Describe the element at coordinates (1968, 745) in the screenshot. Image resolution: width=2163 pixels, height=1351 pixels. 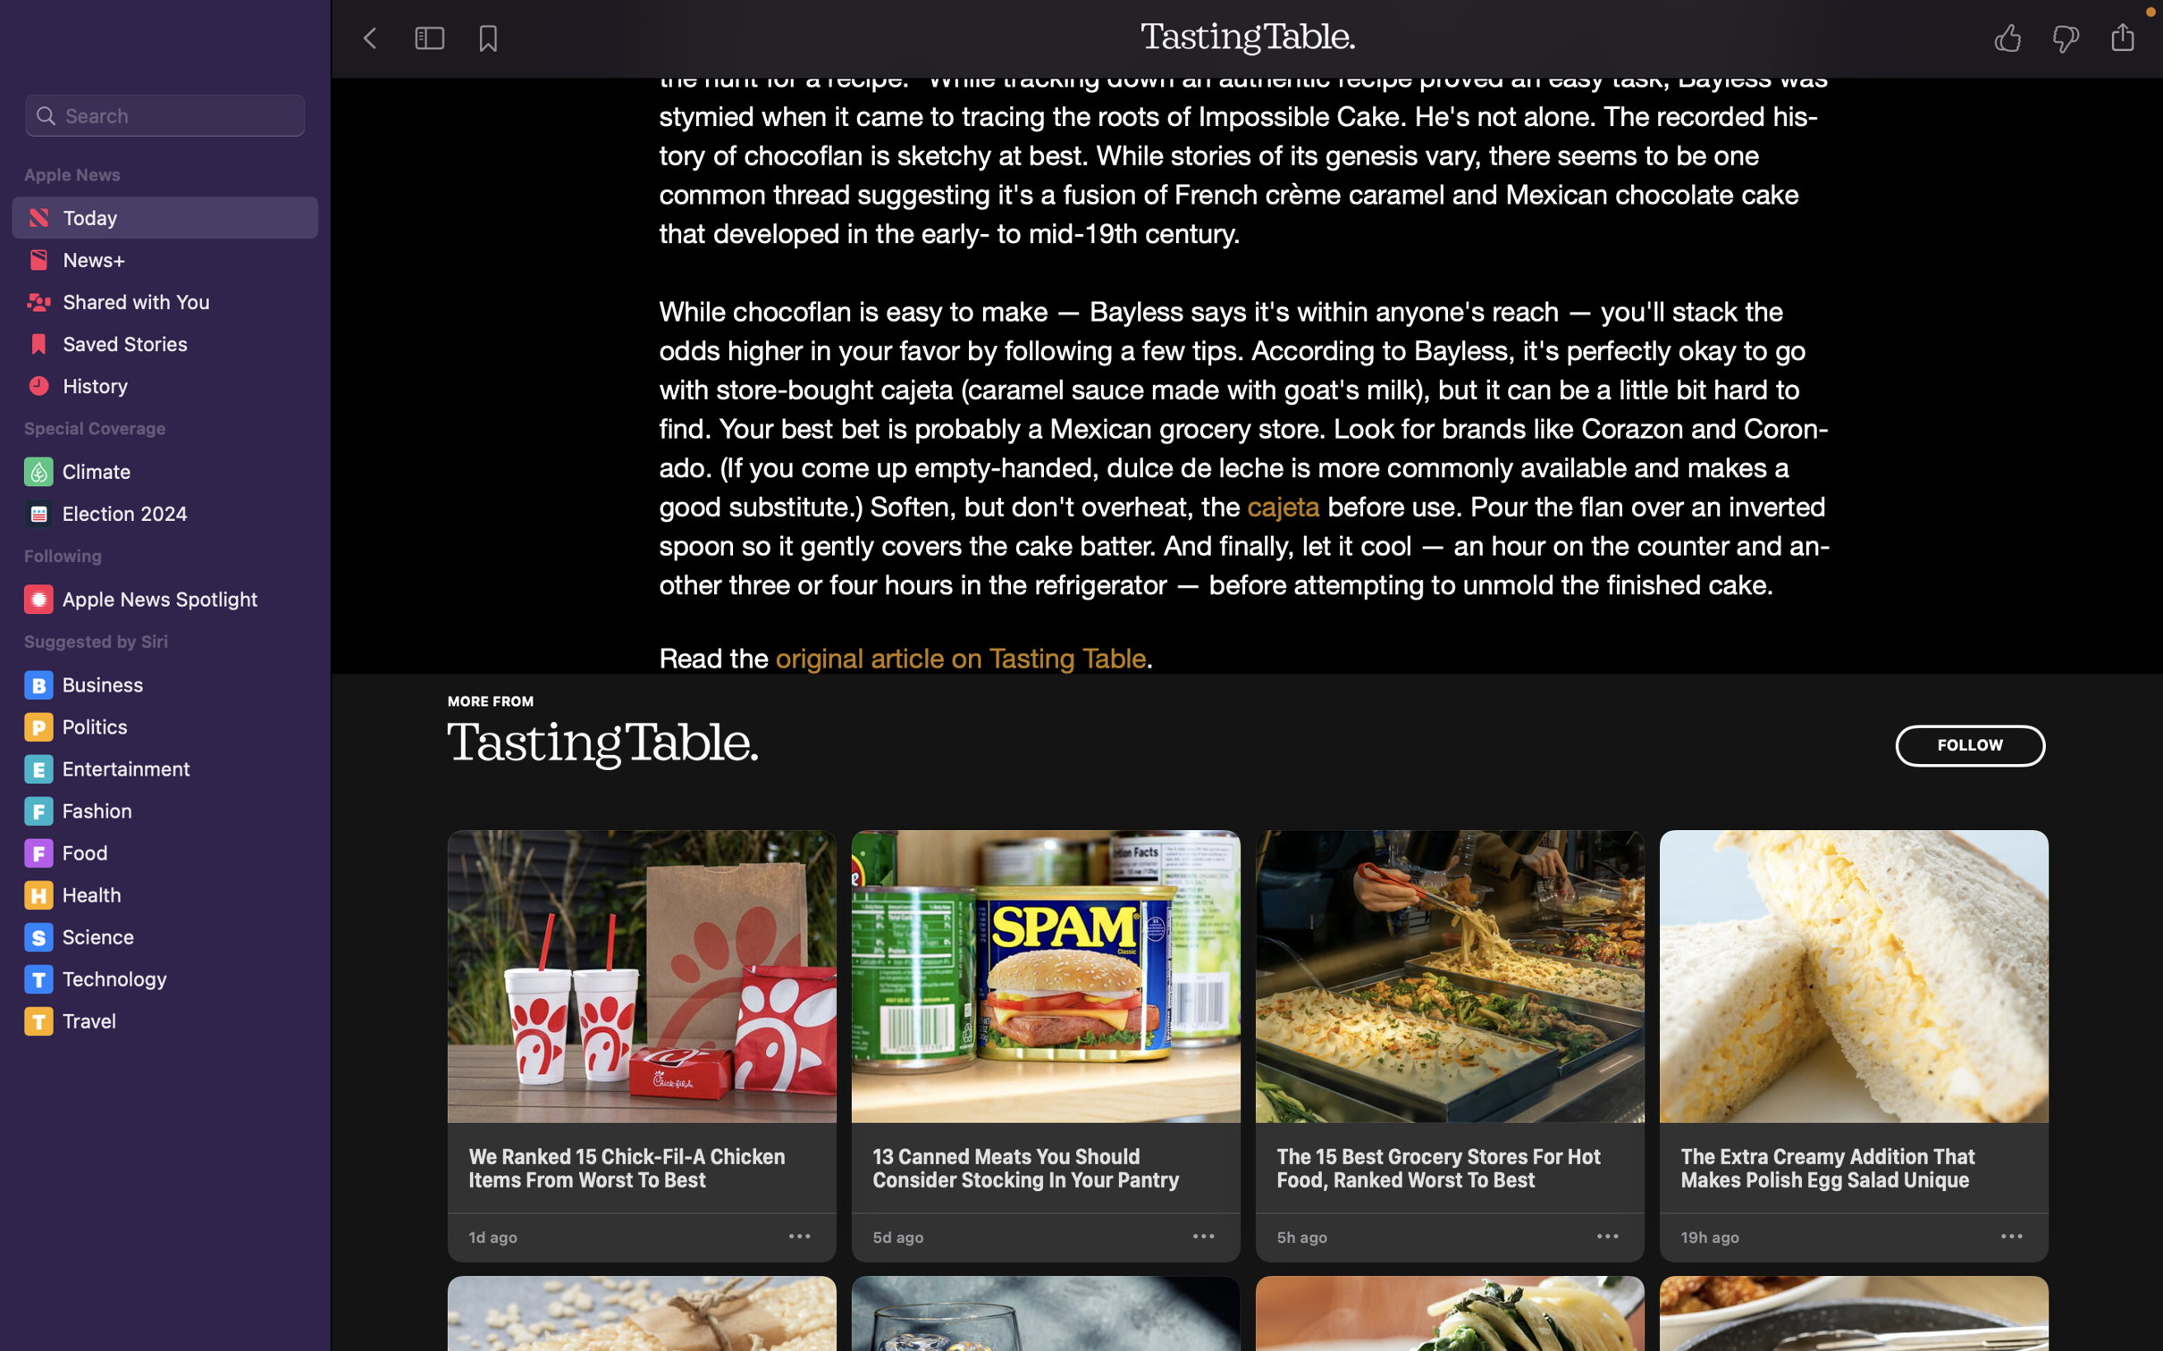
I see `the follow button for Tasting Table` at that location.